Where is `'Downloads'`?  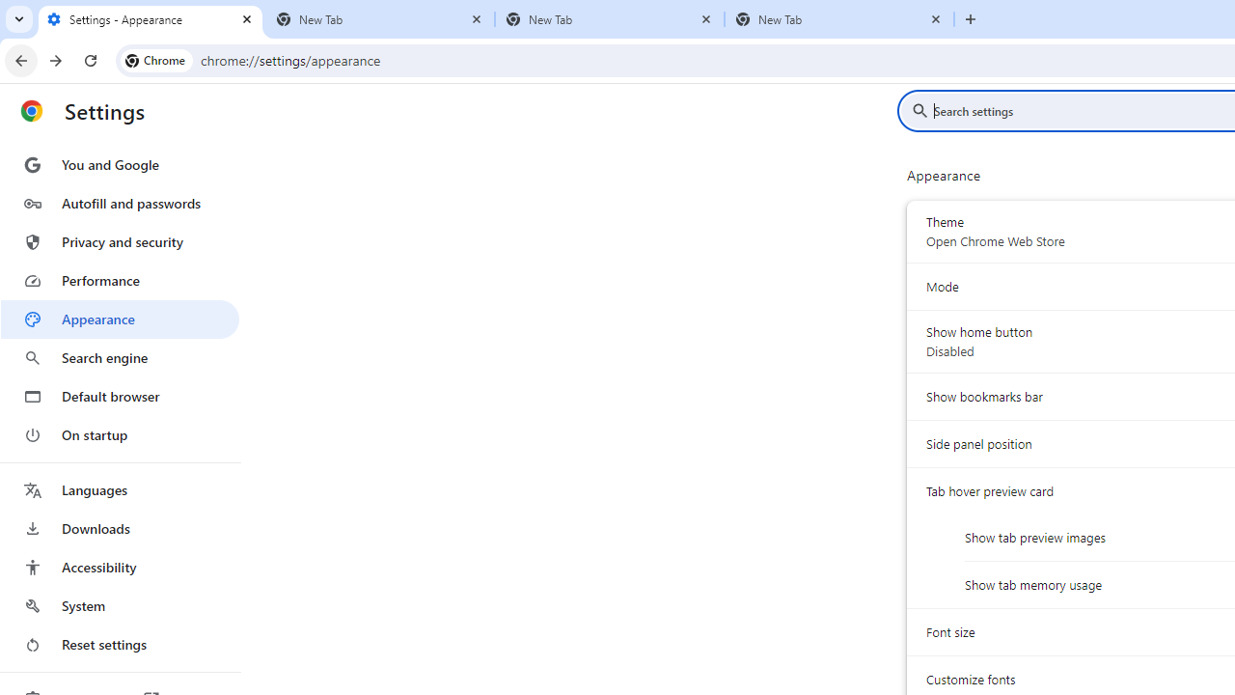 'Downloads' is located at coordinates (119, 528).